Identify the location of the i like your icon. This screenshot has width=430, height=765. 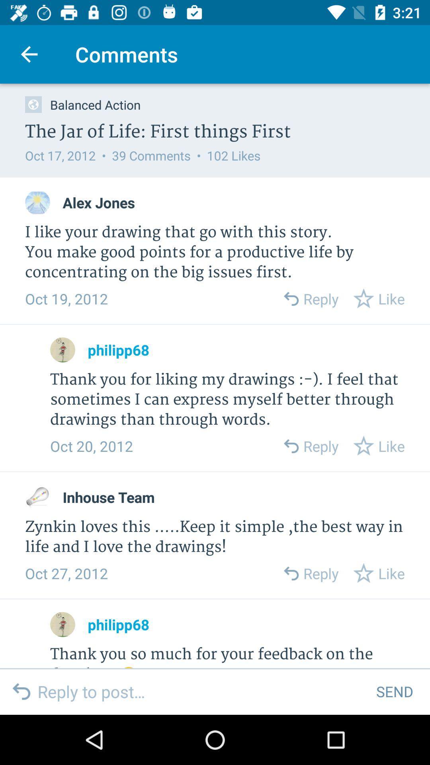
(215, 252).